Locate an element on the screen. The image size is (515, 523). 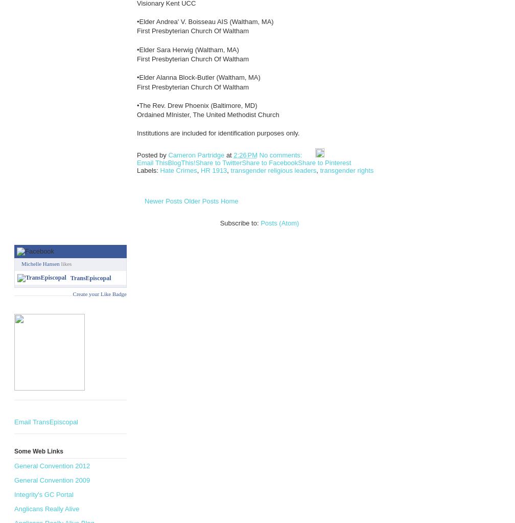
'Institutions are included for identification purposes only.' is located at coordinates (218, 133).